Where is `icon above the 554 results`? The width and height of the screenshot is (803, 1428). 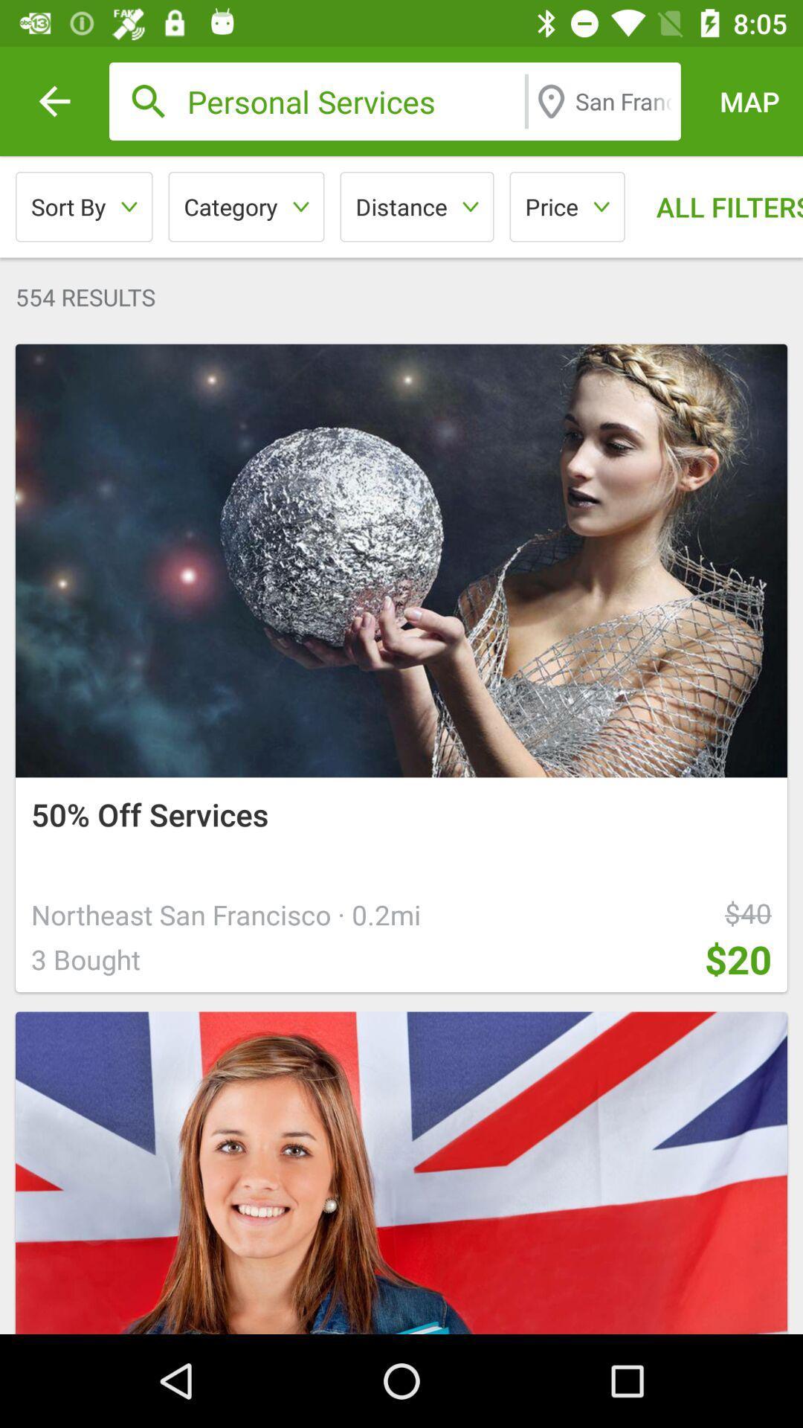
icon above the 554 results is located at coordinates (84, 206).